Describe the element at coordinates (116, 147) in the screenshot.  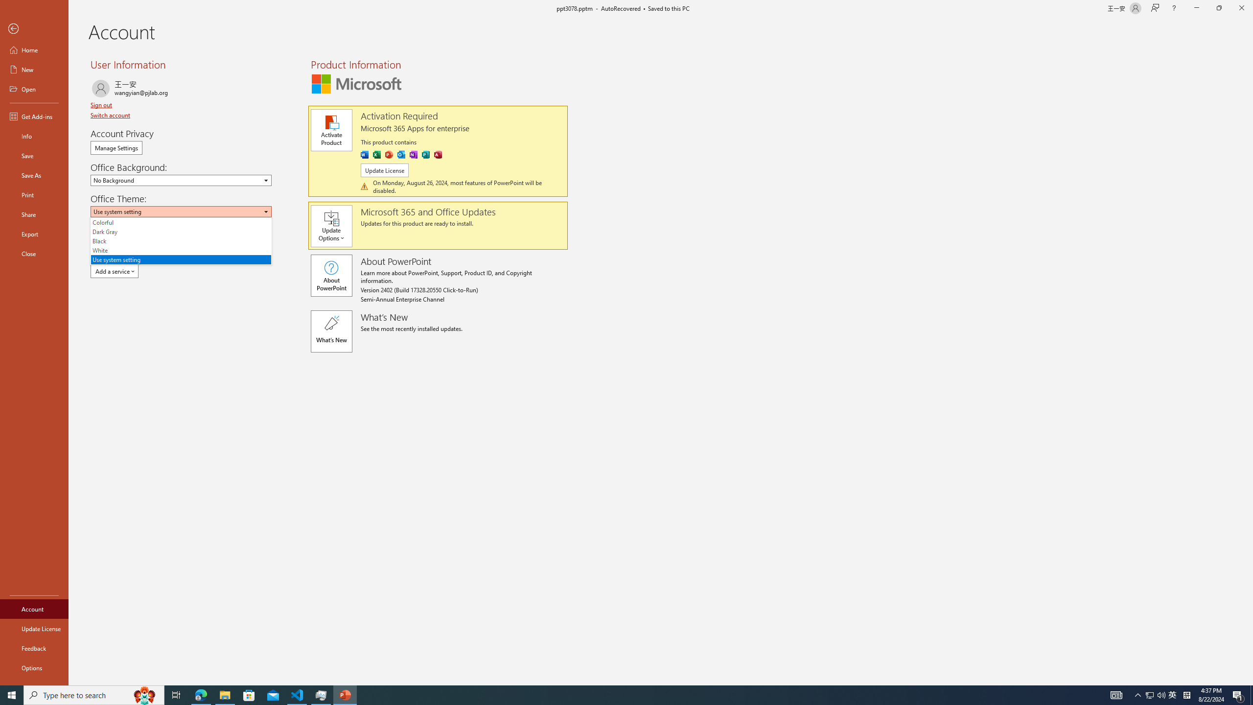
I see `'Manage Settings'` at that location.